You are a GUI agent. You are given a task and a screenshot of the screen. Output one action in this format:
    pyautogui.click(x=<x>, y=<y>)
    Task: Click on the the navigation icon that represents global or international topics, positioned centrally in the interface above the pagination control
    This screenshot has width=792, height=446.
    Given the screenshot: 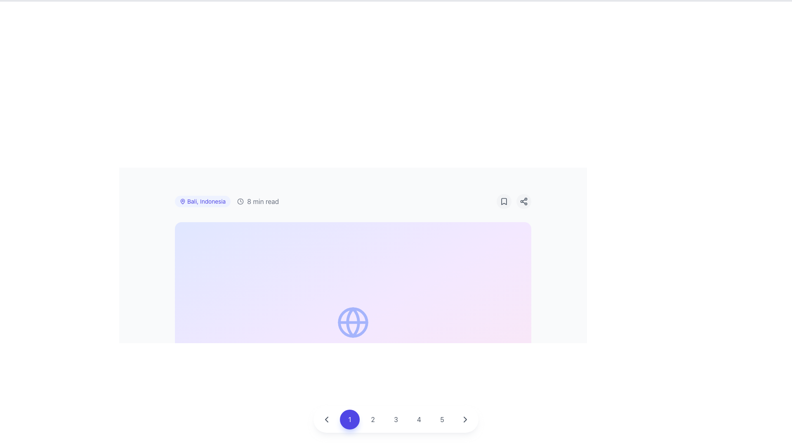 What is the action you would take?
    pyautogui.click(x=353, y=322)
    